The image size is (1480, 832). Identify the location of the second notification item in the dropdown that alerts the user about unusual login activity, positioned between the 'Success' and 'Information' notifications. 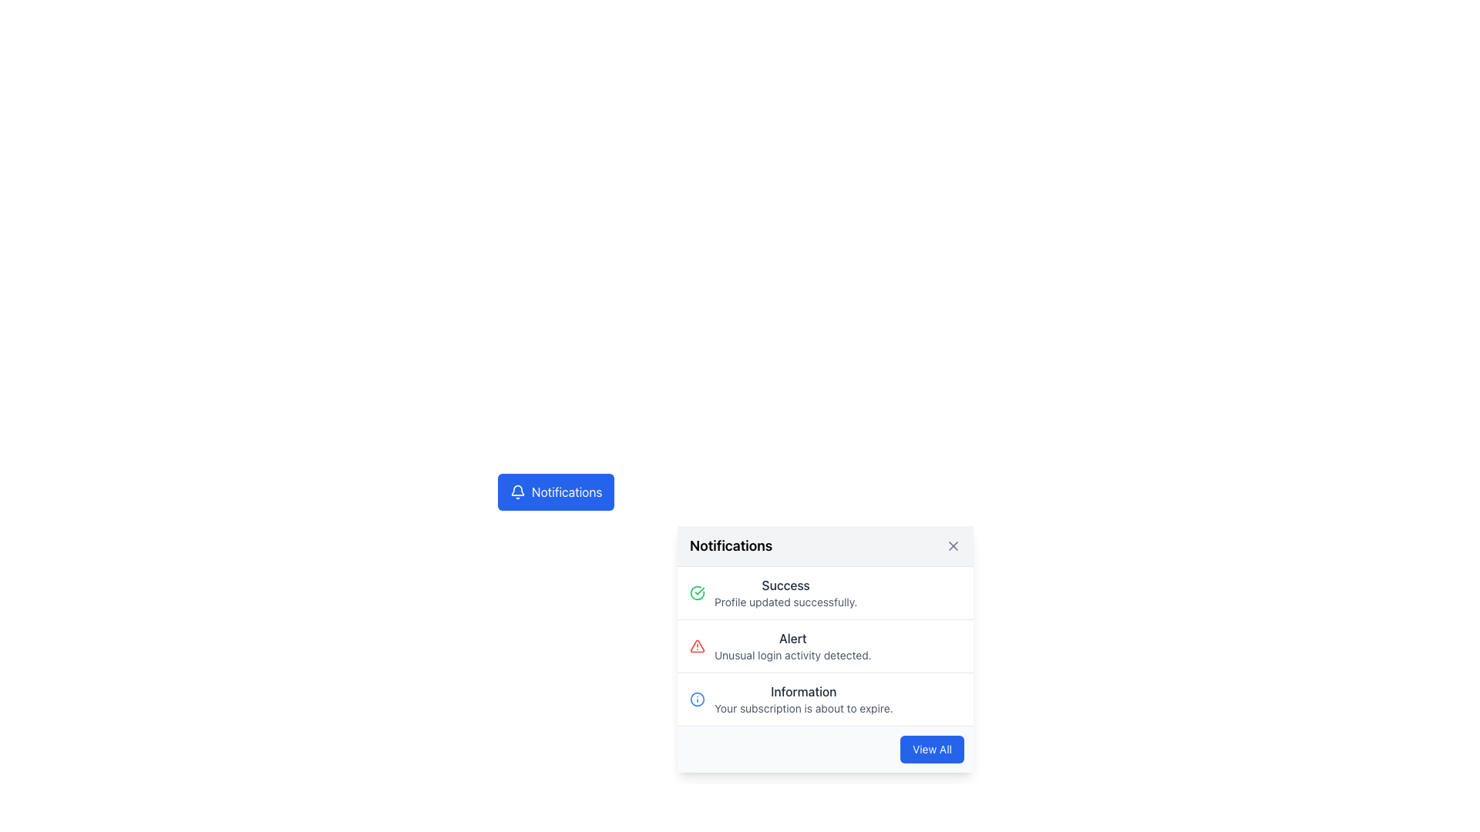
(824, 646).